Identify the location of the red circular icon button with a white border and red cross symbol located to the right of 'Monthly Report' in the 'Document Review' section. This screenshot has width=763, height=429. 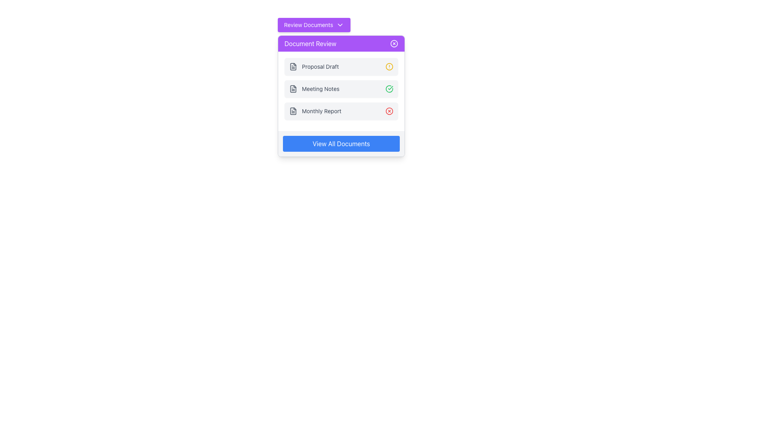
(389, 111).